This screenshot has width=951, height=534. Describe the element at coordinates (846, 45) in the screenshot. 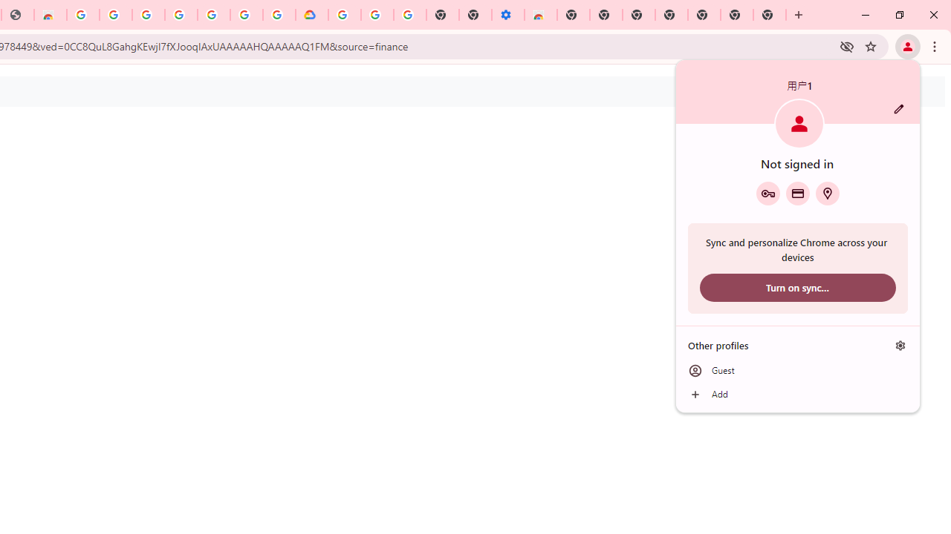

I see `'Third-party cookies blocked'` at that location.